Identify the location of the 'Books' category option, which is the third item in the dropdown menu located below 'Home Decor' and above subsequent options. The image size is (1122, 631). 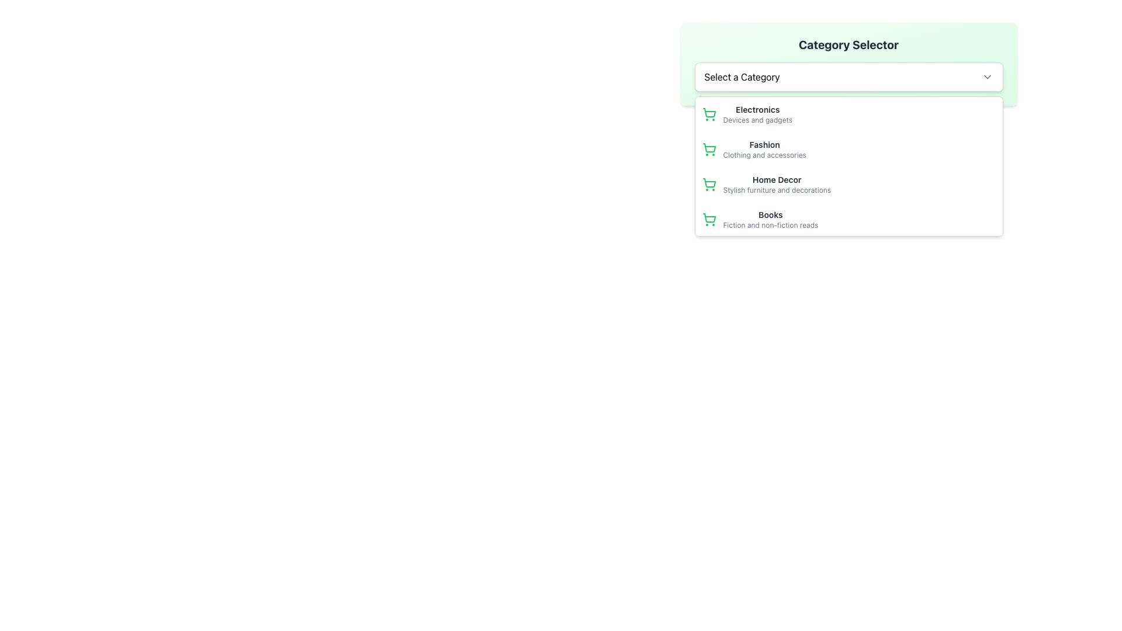
(770, 219).